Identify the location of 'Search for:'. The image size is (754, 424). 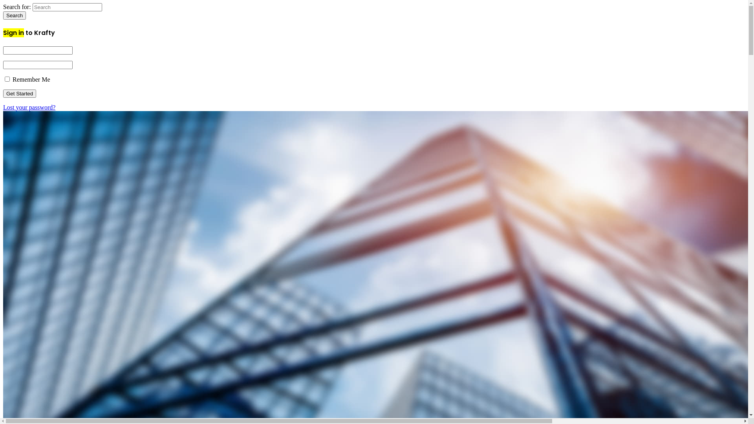
(67, 7).